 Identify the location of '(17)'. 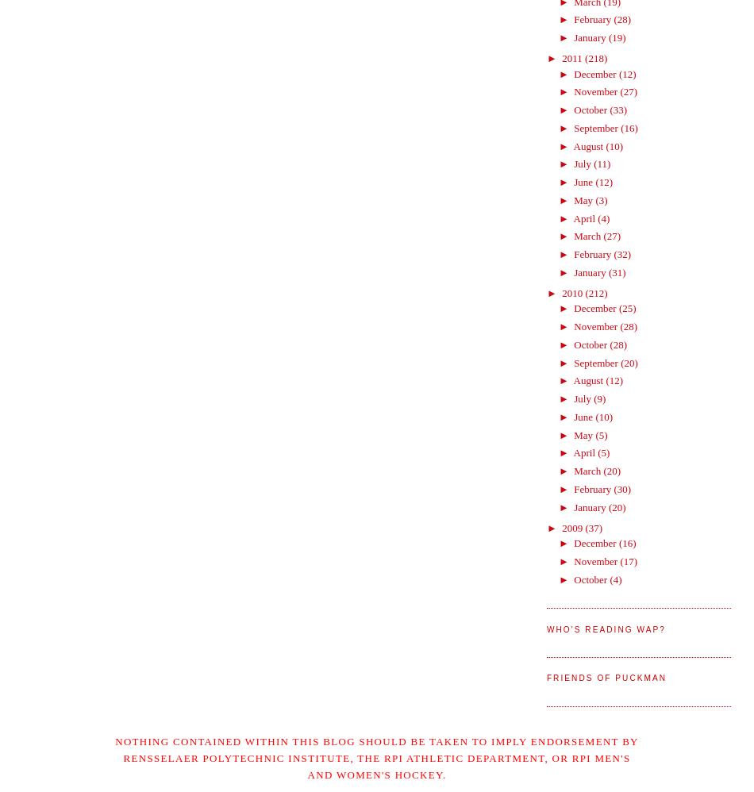
(628, 560).